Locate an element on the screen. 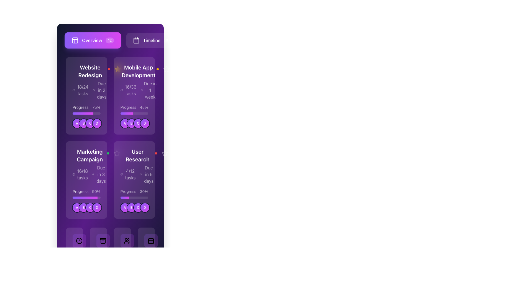 The height and width of the screenshot is (299, 532). the Icon button located in the bottom navigation bar, which is centrally positioned among the other navigation buttons is located at coordinates (98, 241).